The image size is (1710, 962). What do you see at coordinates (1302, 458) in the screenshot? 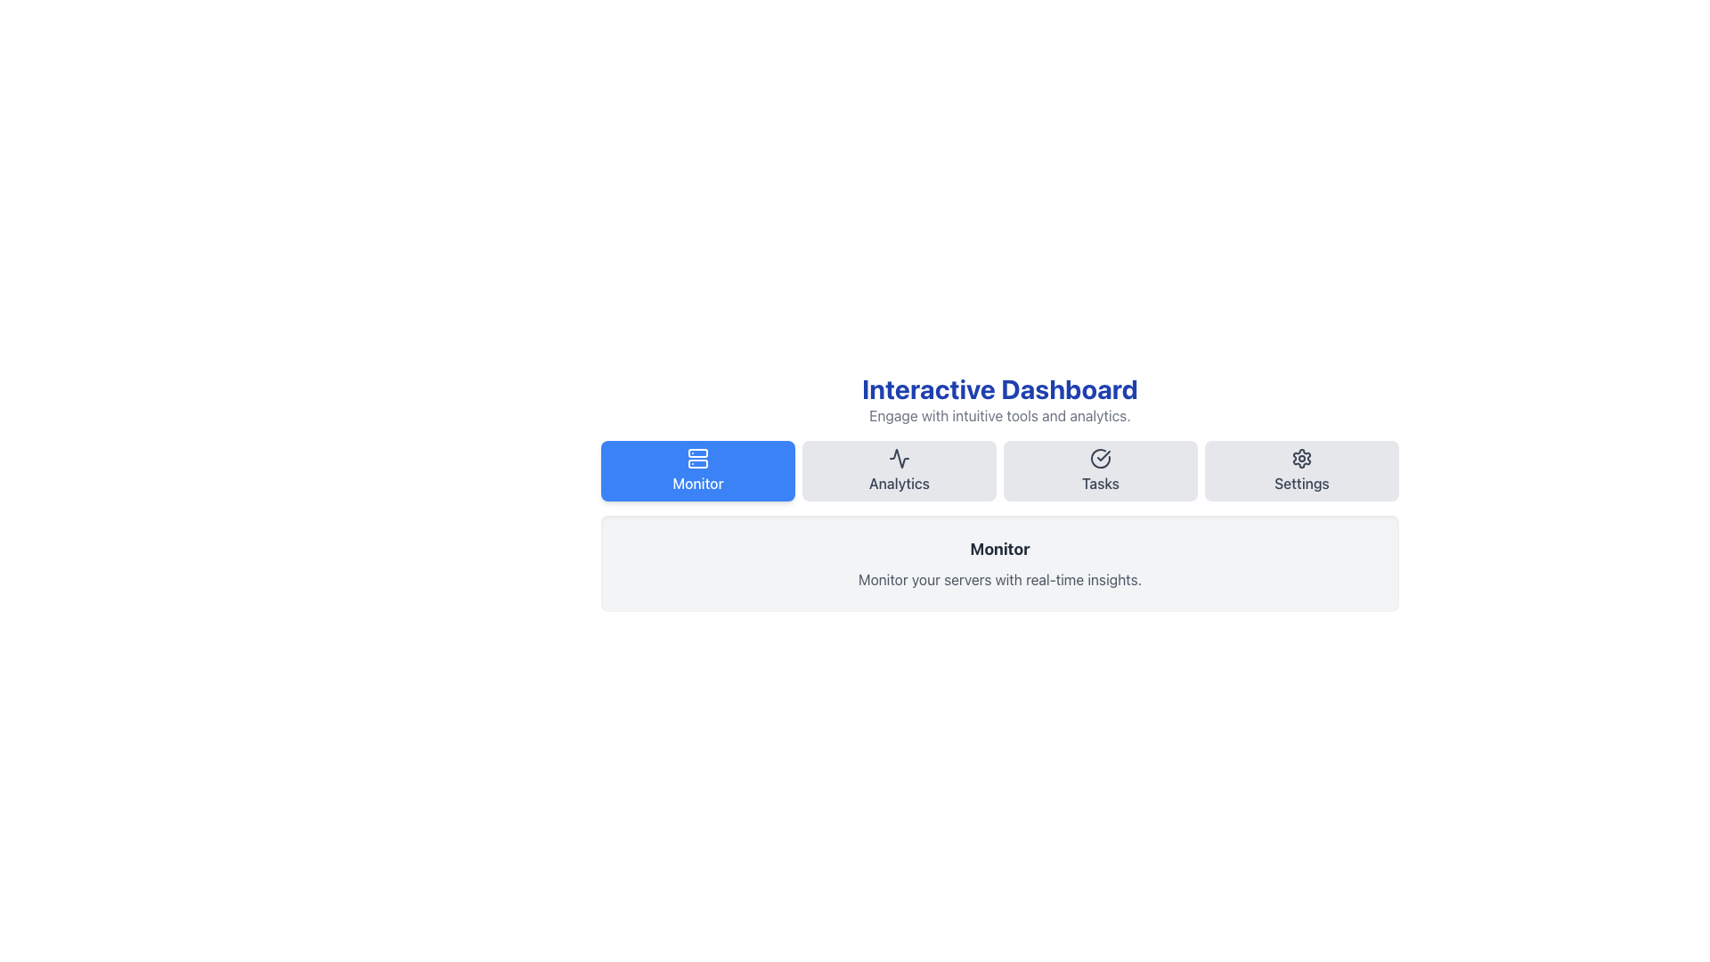
I see `the settings icon, which is visually represented as a gear icon and located within the 'Settings' button group on the right side next to the 'Tasks' button` at bounding box center [1302, 458].